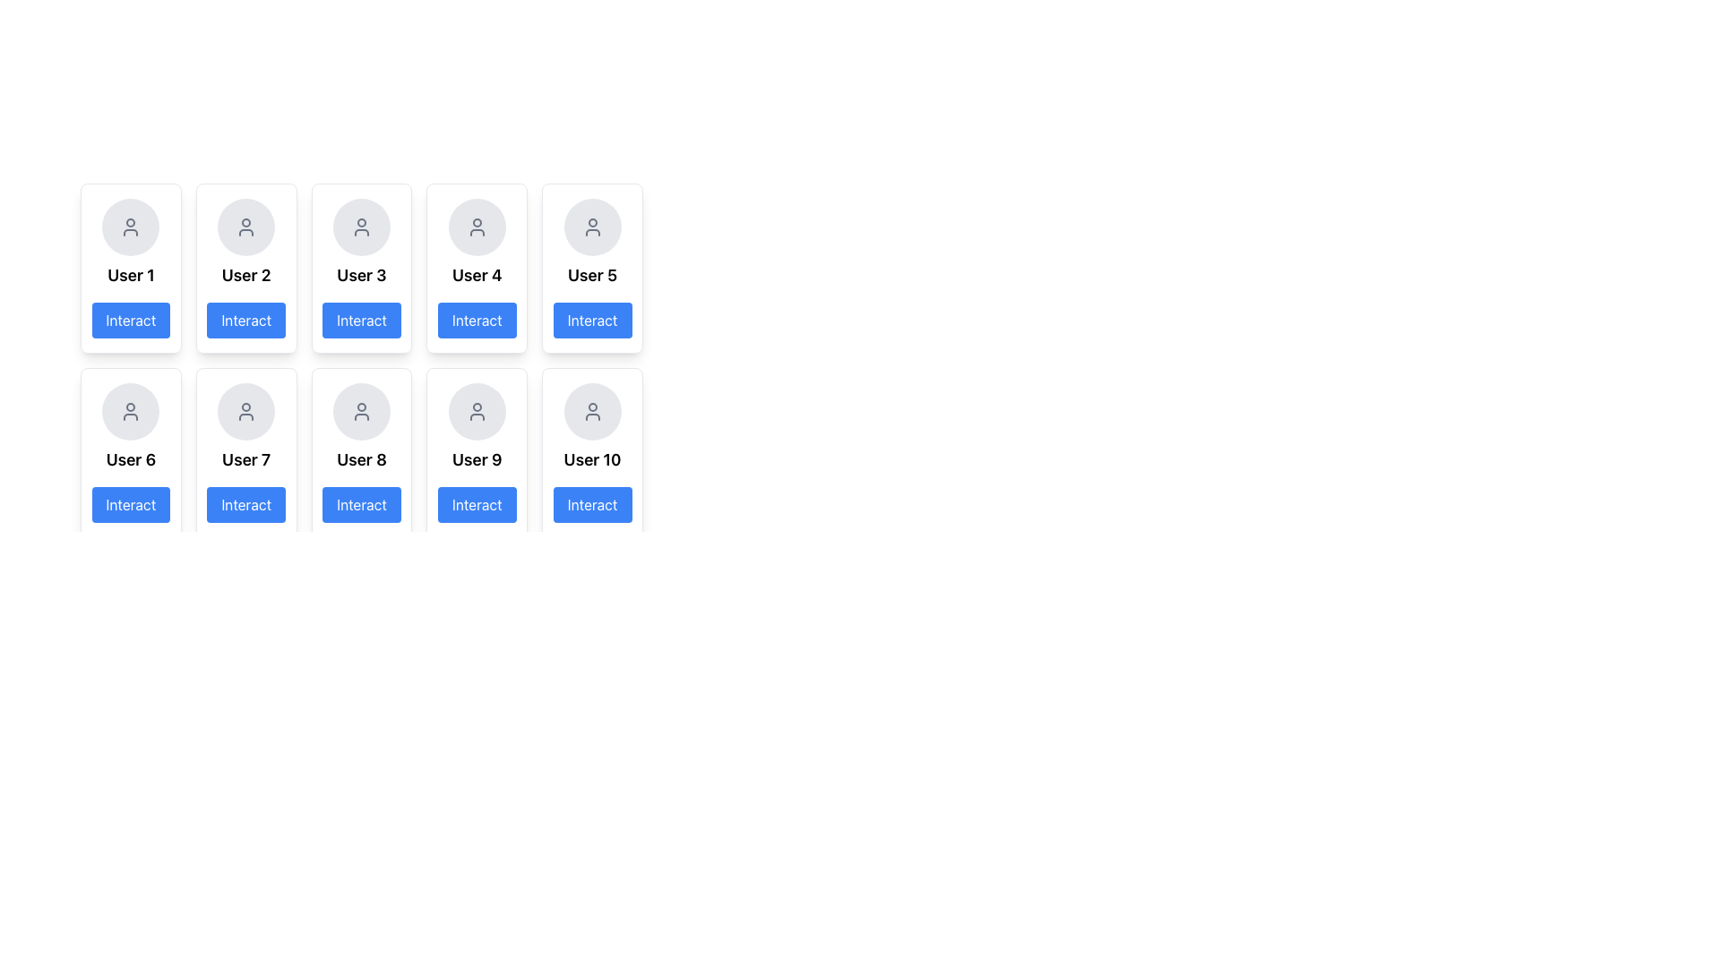 The image size is (1720, 967). Describe the element at coordinates (477, 227) in the screenshot. I see `the decorative icon representing user information for 'User 4', which is located at the top of the card in the fourth position of the top row` at that location.